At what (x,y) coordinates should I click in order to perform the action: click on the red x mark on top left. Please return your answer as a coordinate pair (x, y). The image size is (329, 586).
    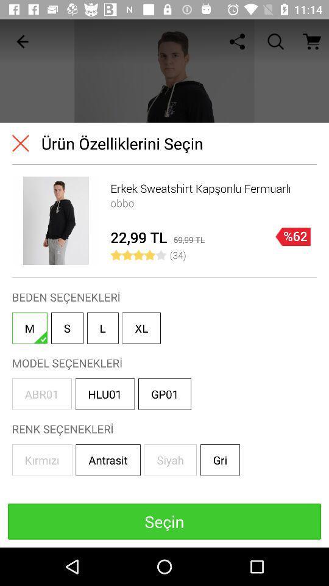
    Looking at the image, I should click on (20, 143).